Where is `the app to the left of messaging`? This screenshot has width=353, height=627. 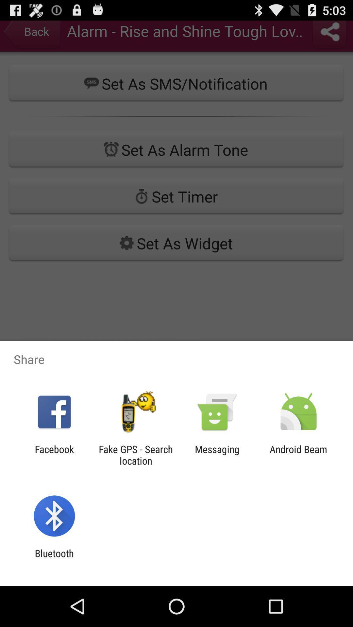 the app to the left of messaging is located at coordinates (135, 455).